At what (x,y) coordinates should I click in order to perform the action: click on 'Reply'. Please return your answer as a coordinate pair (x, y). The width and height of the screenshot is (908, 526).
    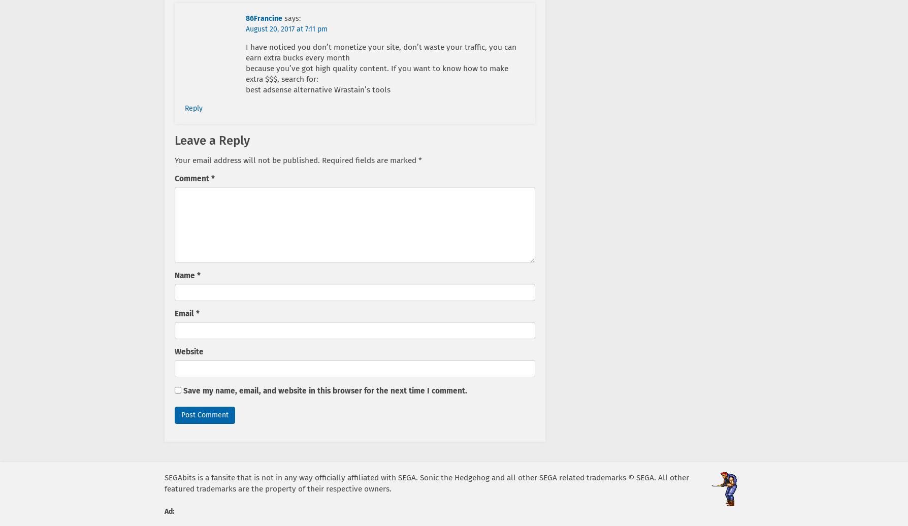
    Looking at the image, I should click on (193, 108).